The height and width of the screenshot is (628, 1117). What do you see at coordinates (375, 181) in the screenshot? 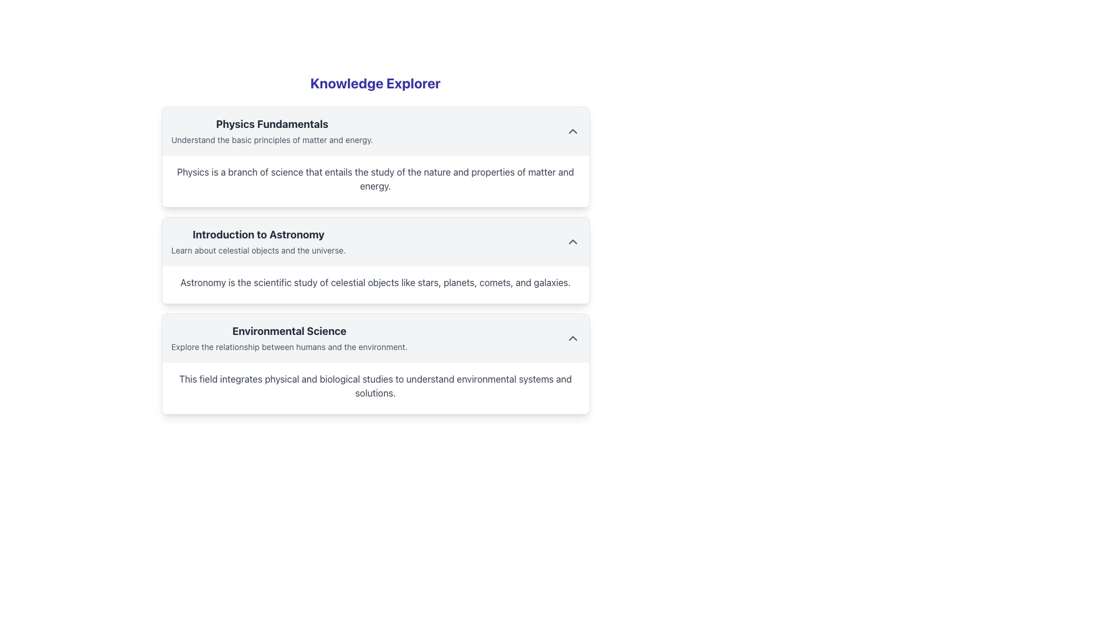
I see `text block located in the 'Physics Fundamentals' section, which provides a brief description of the field of physics` at bounding box center [375, 181].